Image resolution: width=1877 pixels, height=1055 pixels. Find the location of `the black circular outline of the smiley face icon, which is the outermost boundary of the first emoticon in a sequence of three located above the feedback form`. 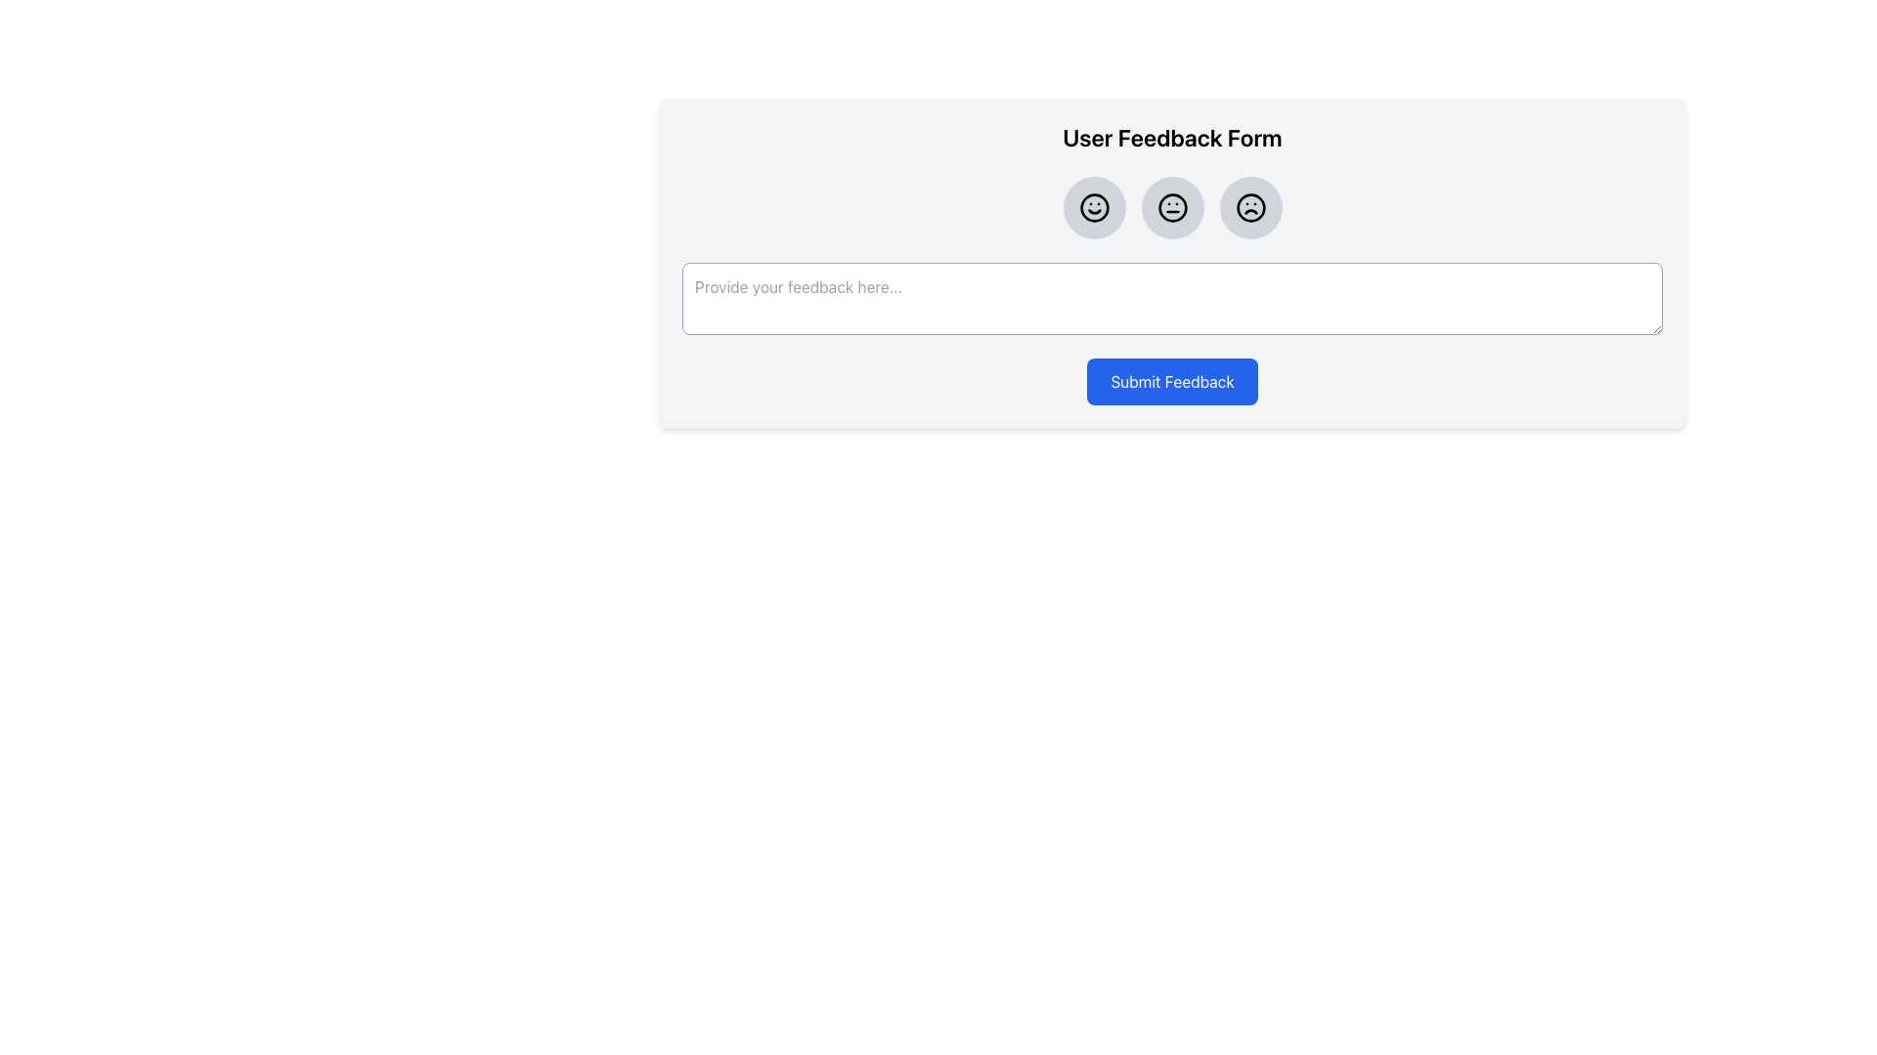

the black circular outline of the smiley face icon, which is the outermost boundary of the first emoticon in a sequence of three located above the feedback form is located at coordinates (1093, 207).